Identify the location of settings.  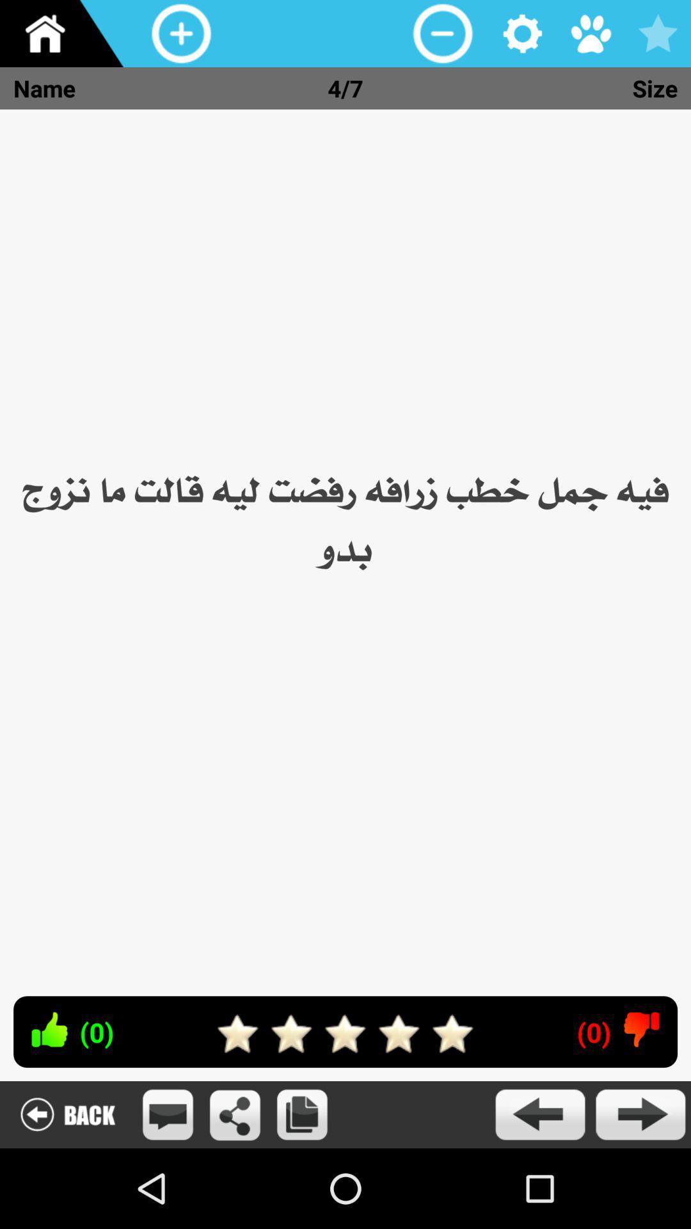
(523, 33).